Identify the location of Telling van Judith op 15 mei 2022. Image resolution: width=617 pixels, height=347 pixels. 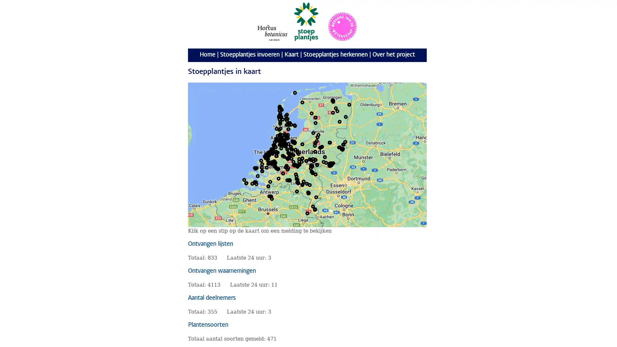
(254, 182).